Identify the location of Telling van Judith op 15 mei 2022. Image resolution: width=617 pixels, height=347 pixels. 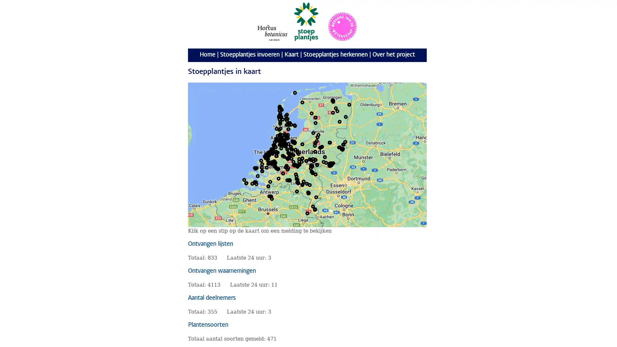
(254, 182).